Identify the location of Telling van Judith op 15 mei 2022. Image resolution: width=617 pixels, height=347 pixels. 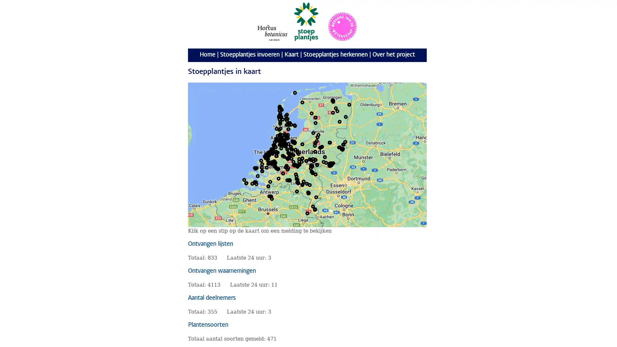
(254, 182).